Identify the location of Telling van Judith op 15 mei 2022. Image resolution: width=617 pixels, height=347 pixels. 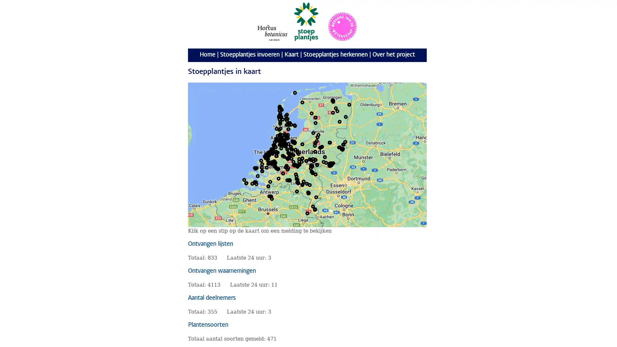
(254, 182).